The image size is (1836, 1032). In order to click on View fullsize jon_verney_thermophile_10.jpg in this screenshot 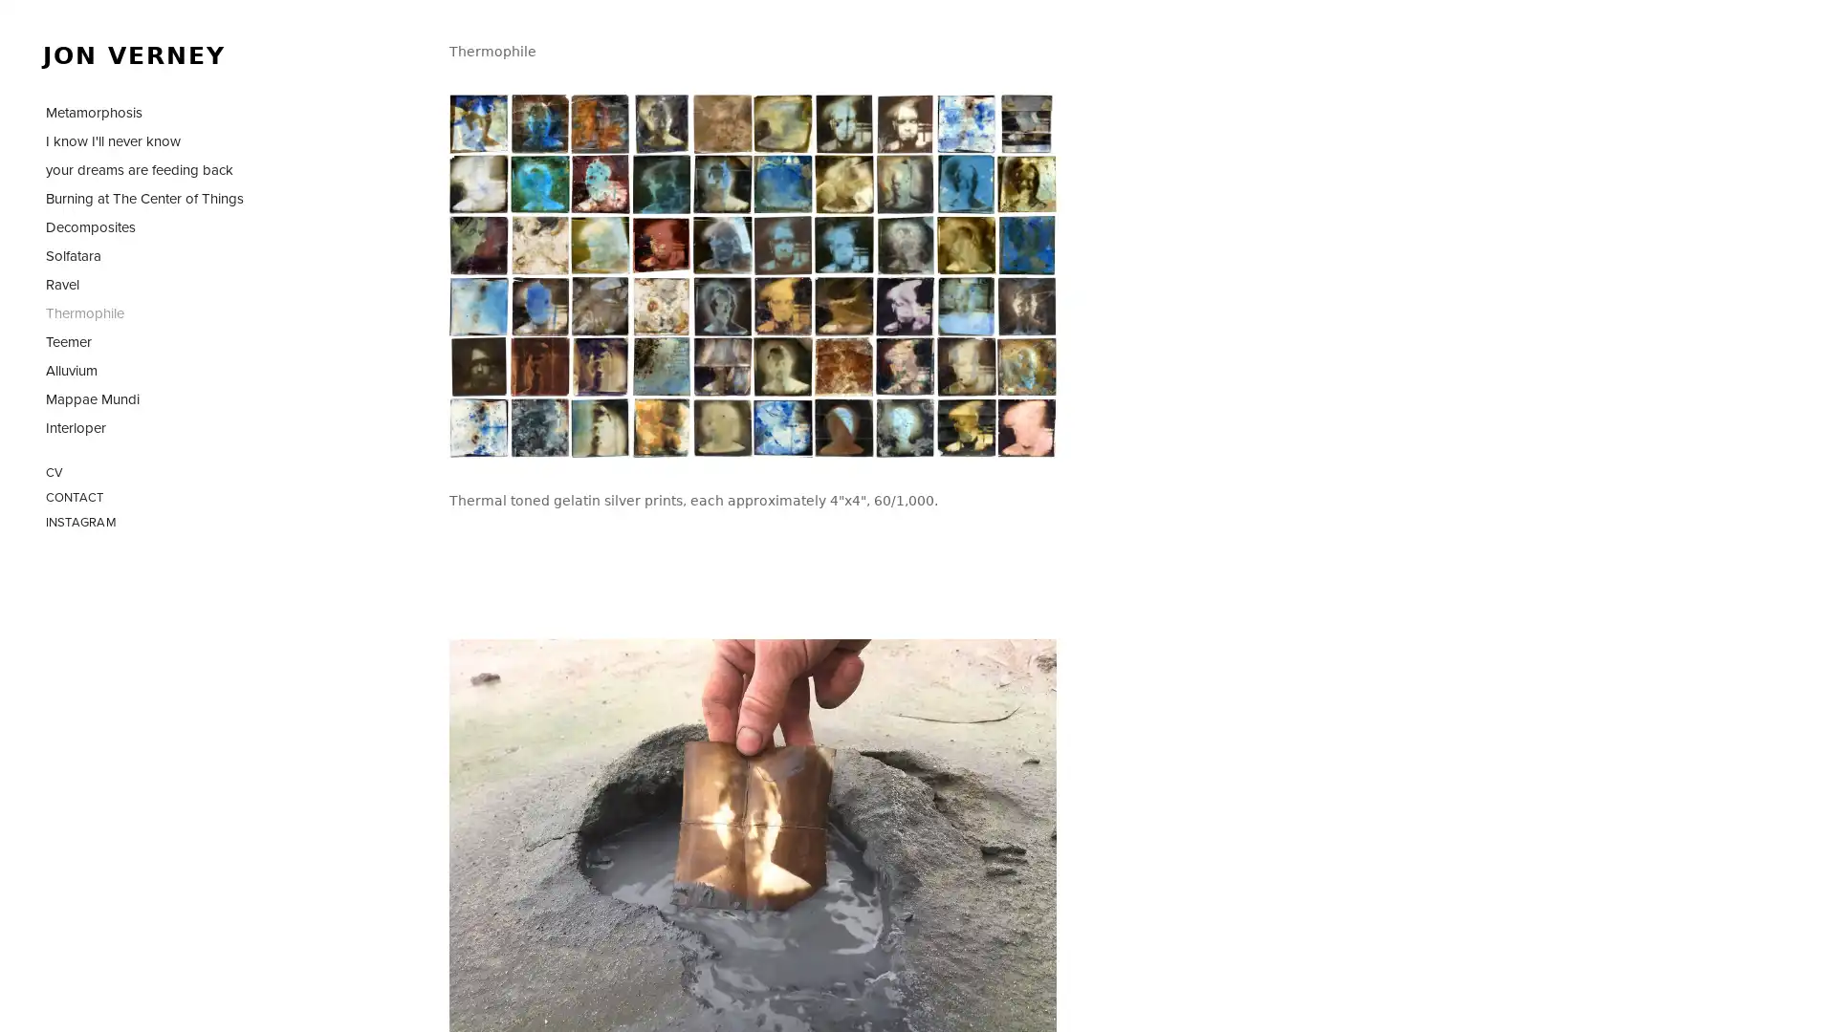, I will do `click(965, 243)`.